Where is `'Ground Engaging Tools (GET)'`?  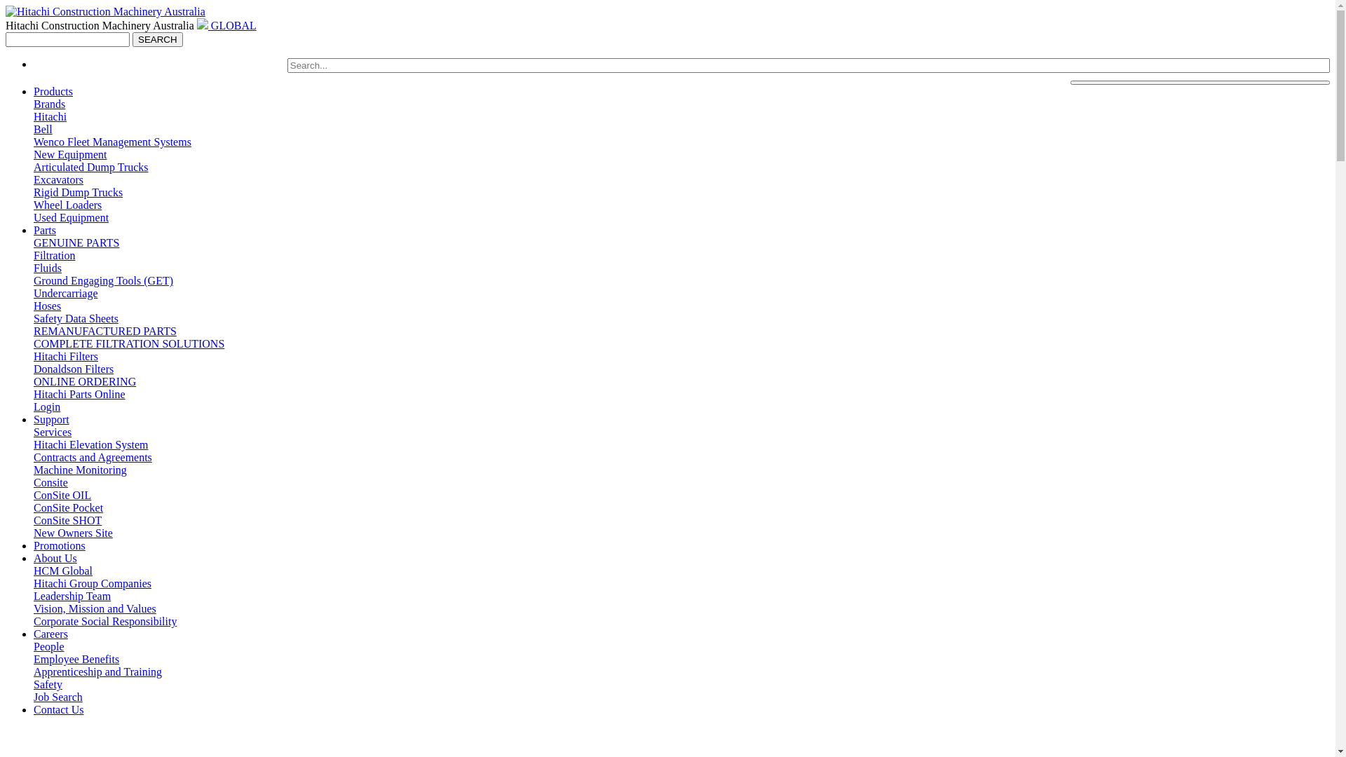
'Ground Engaging Tools (GET)' is located at coordinates (34, 280).